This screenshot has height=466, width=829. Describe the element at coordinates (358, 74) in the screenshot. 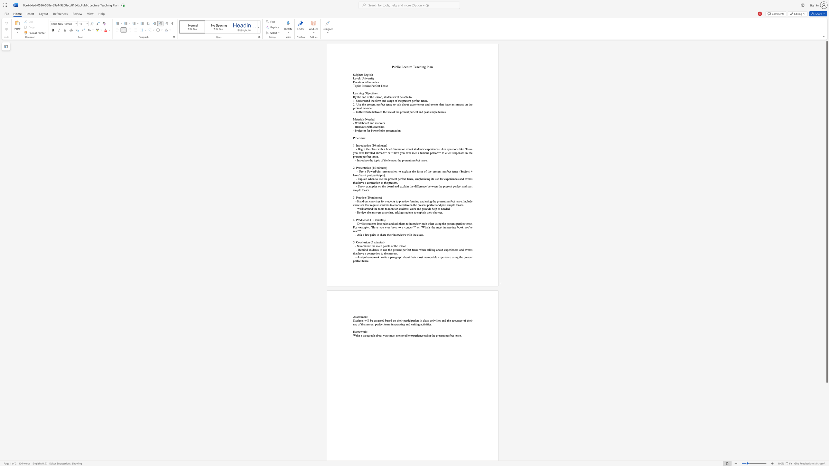

I see `the 1th character "j" in the text` at that location.